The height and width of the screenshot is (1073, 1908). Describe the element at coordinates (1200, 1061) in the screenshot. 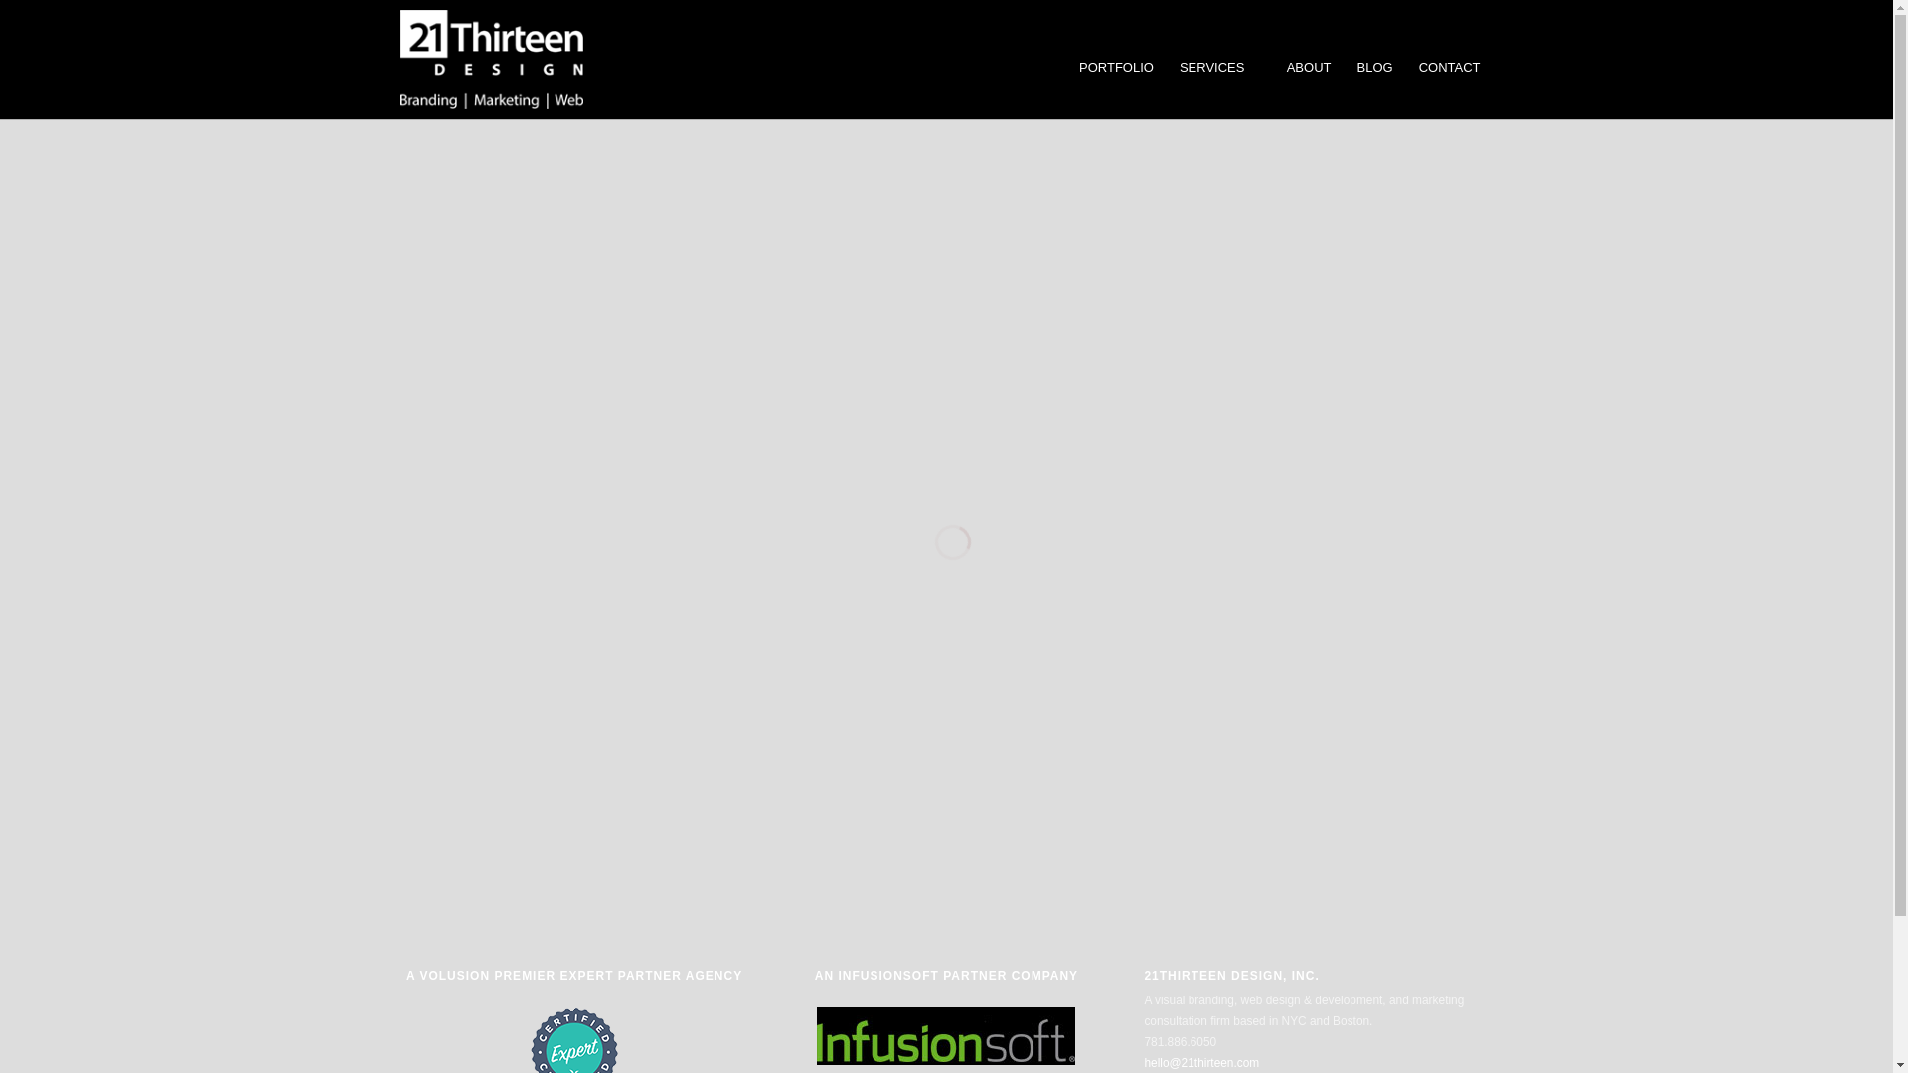

I see `'hello@21thirteen.com'` at that location.